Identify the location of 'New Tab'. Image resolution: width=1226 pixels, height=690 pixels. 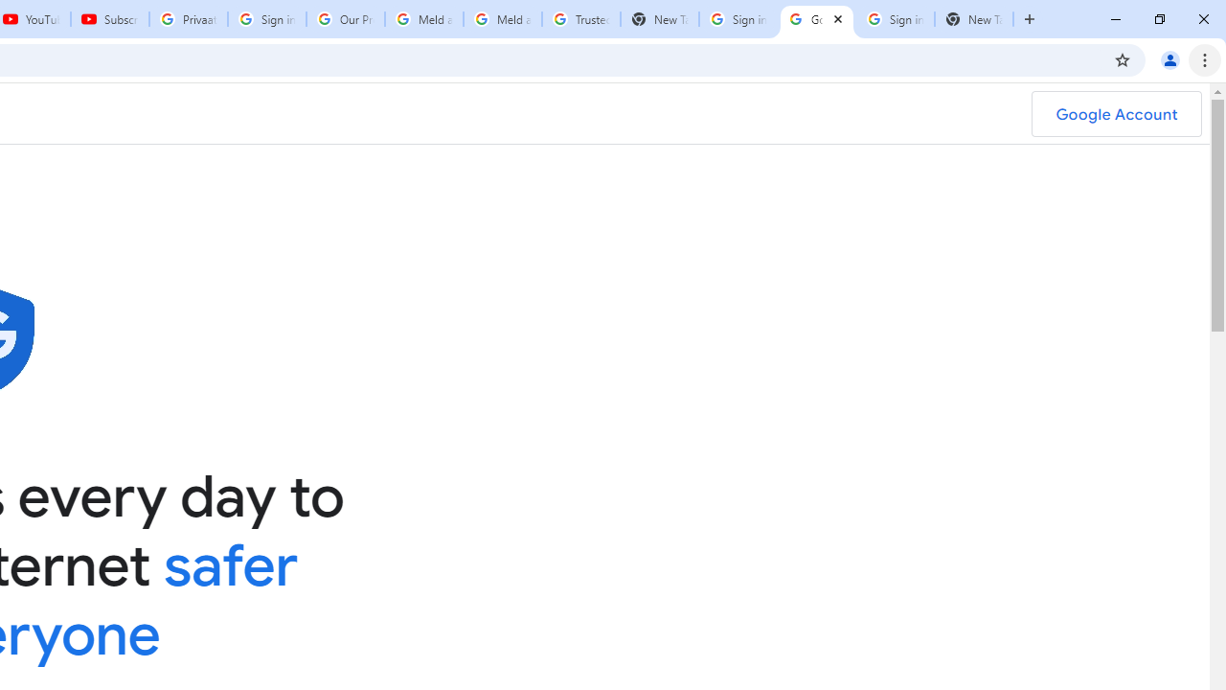
(973, 19).